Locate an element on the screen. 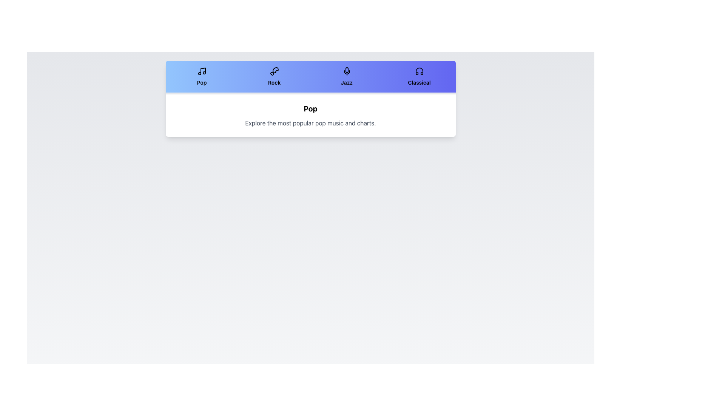 This screenshot has width=725, height=408. the headphones icon styled as an SVG graphic with a black outline, located above the label 'Classical' is located at coordinates (419, 71).